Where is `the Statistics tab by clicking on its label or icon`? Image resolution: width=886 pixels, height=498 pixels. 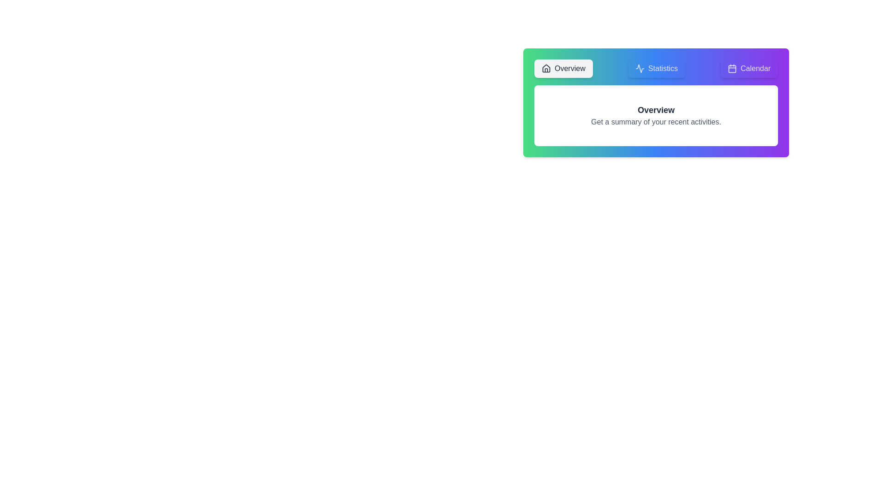 the Statistics tab by clicking on its label or icon is located at coordinates (656, 68).